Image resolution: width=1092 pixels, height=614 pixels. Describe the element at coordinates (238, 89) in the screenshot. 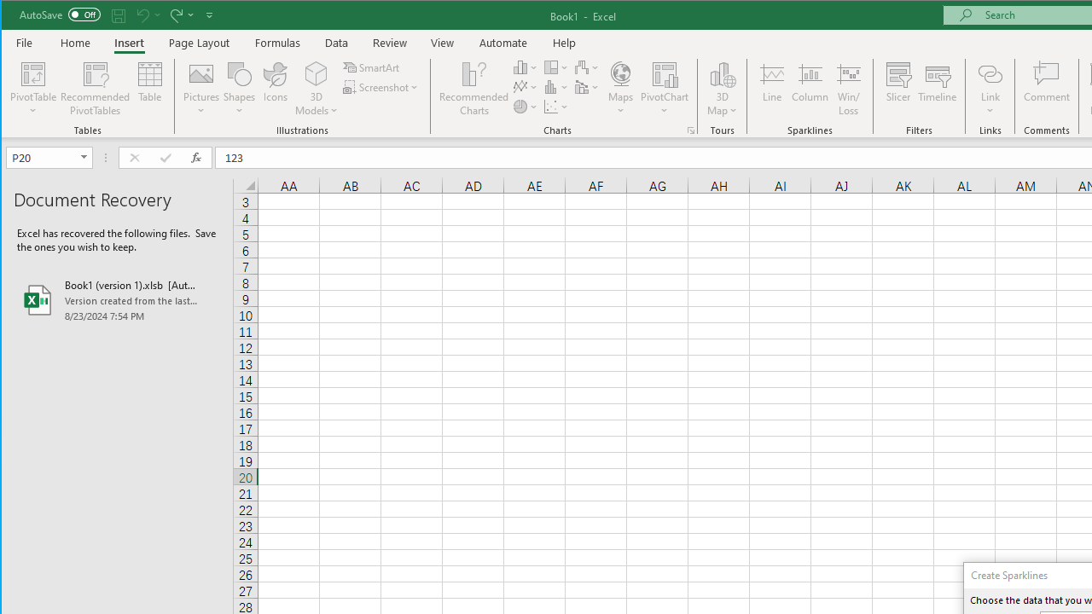

I see `'Shapes'` at that location.